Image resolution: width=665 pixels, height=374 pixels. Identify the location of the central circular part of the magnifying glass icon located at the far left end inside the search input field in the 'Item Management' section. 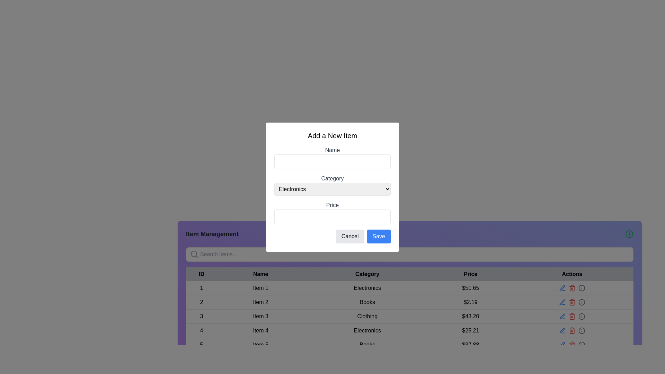
(194, 253).